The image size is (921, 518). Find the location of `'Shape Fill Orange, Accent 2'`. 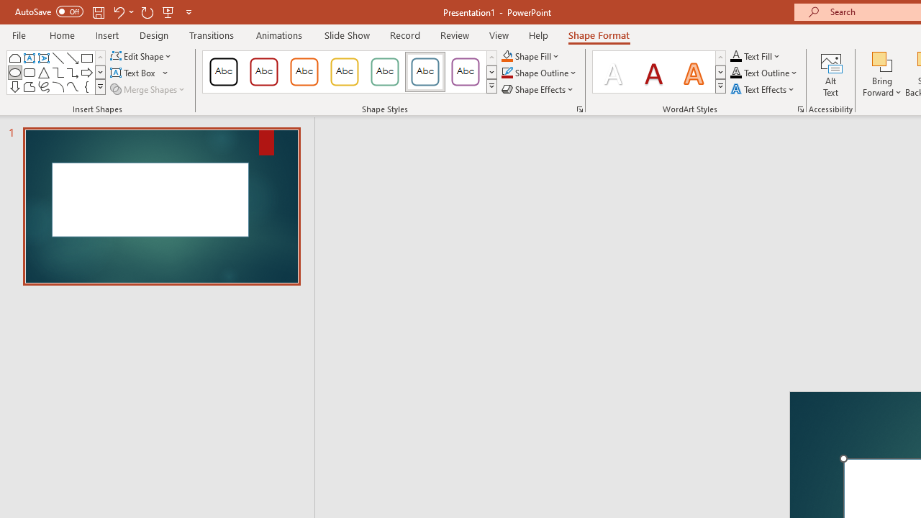

'Shape Fill Orange, Accent 2' is located at coordinates (507, 55).